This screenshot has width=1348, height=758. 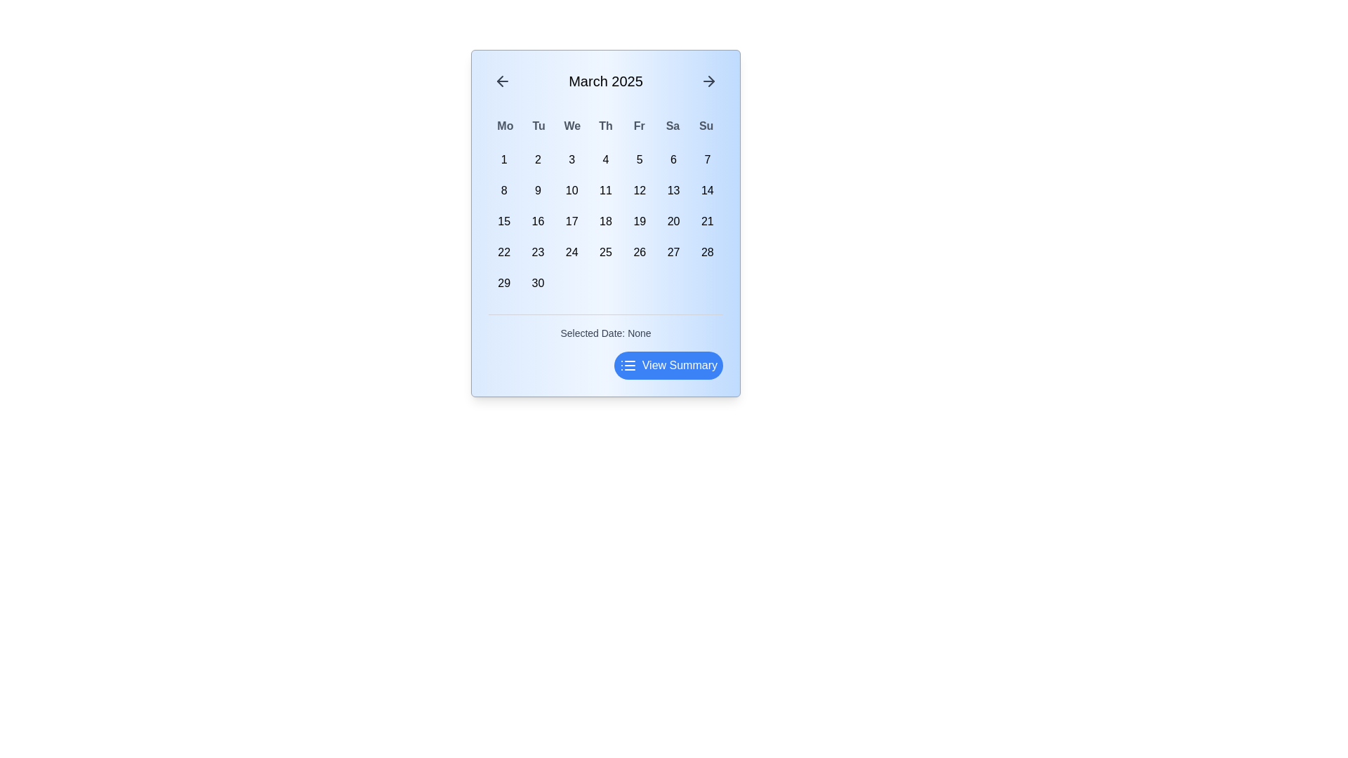 I want to click on the button representing the calendar date '8' to select this date and access additional actions, so click(x=504, y=191).